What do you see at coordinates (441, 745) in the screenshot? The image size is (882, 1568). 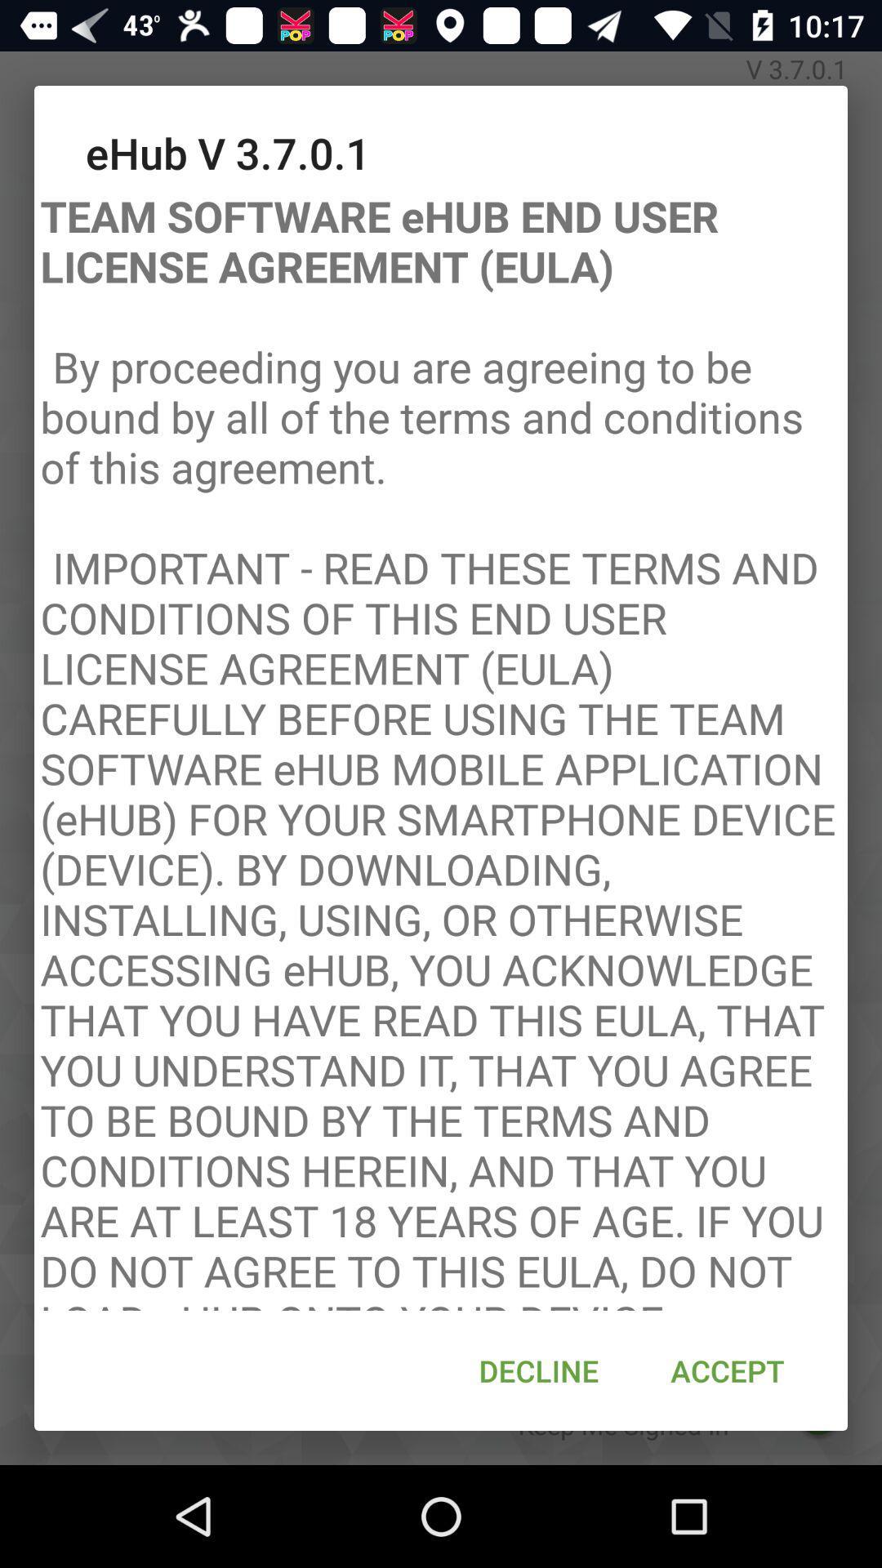 I see `the item above the decline item` at bounding box center [441, 745].